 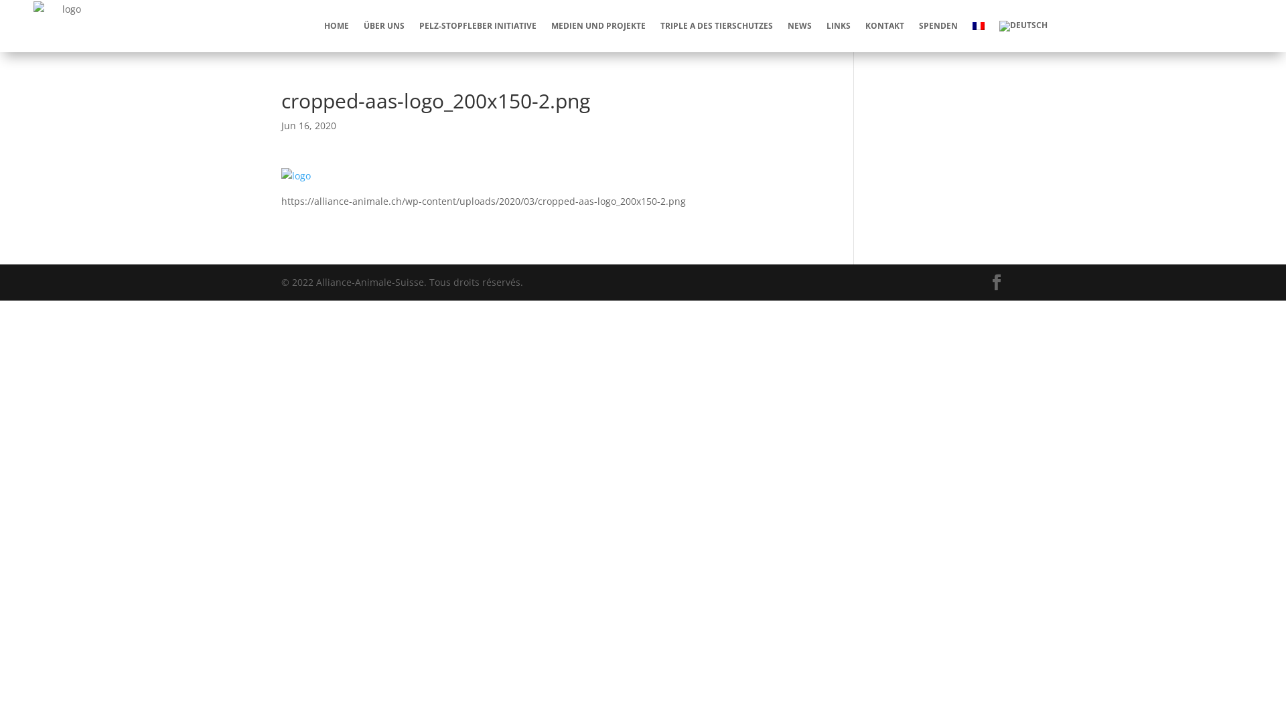 I want to click on 'LINKS', so click(x=825, y=25).